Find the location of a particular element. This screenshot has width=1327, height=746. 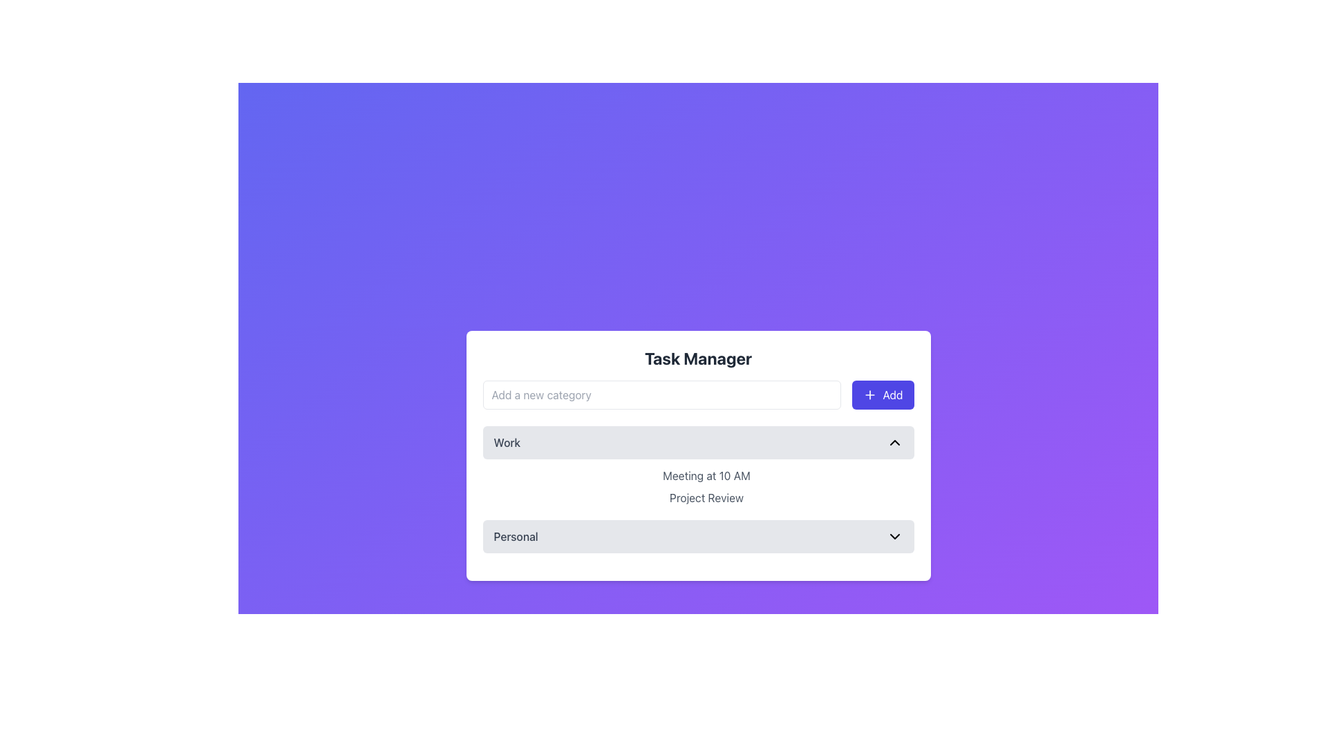

the downward chevron icon located at the rightmost end of the 'Personal' section is located at coordinates (894, 535).